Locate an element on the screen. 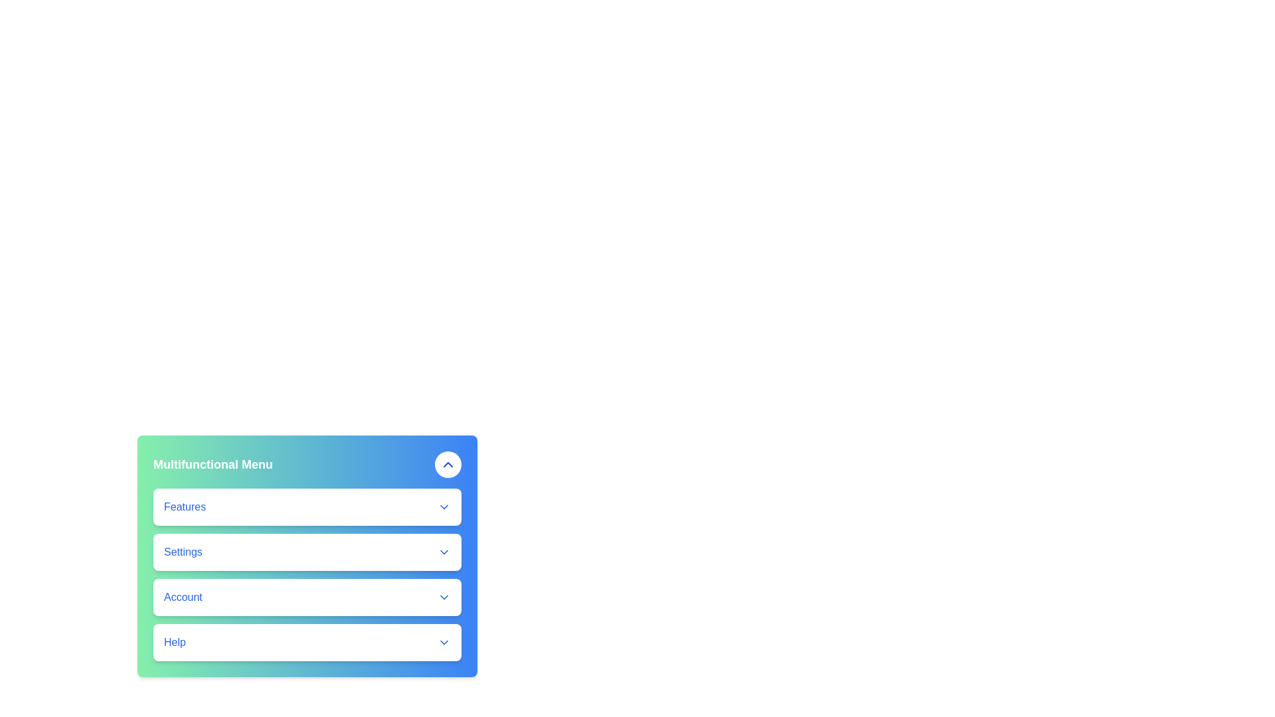  text of the 'Account' label, which is the third option in the menu list, positioned between 'Settings' and 'Help' is located at coordinates (182, 596).